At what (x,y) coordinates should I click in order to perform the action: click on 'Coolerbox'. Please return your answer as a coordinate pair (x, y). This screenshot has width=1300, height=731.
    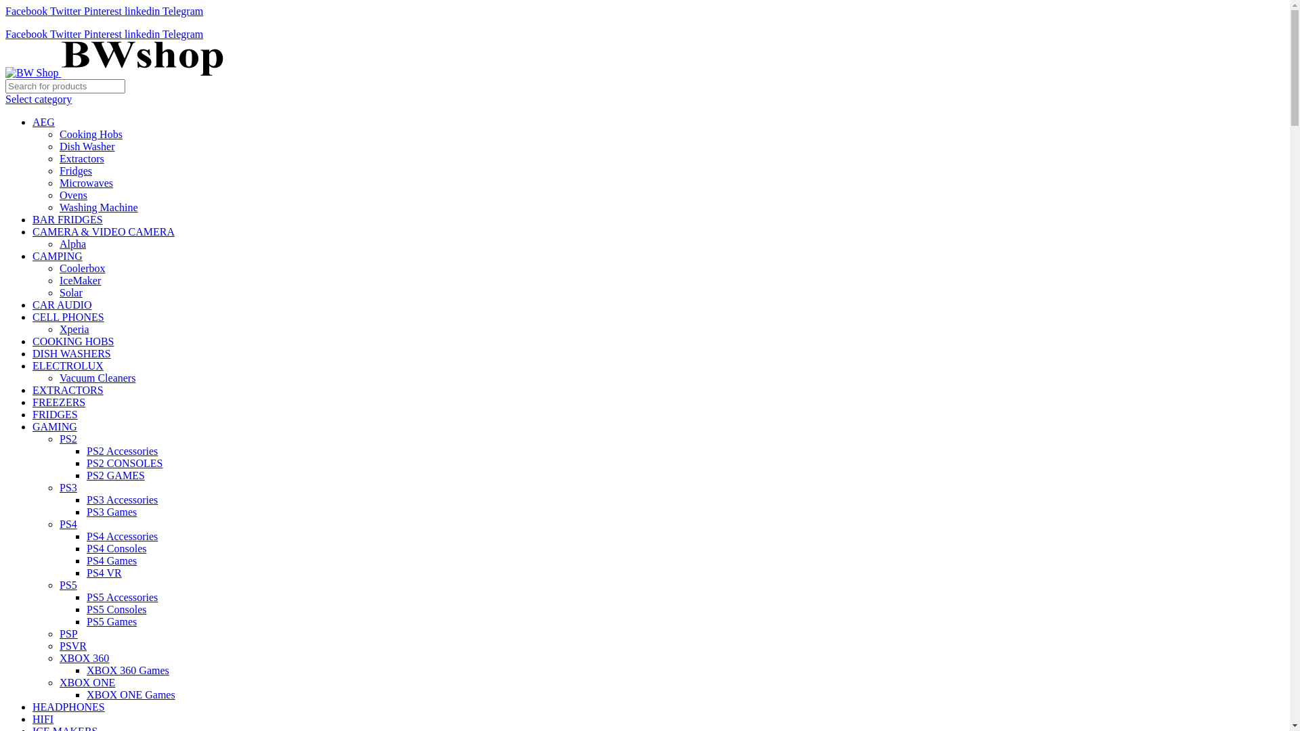
    Looking at the image, I should click on (58, 268).